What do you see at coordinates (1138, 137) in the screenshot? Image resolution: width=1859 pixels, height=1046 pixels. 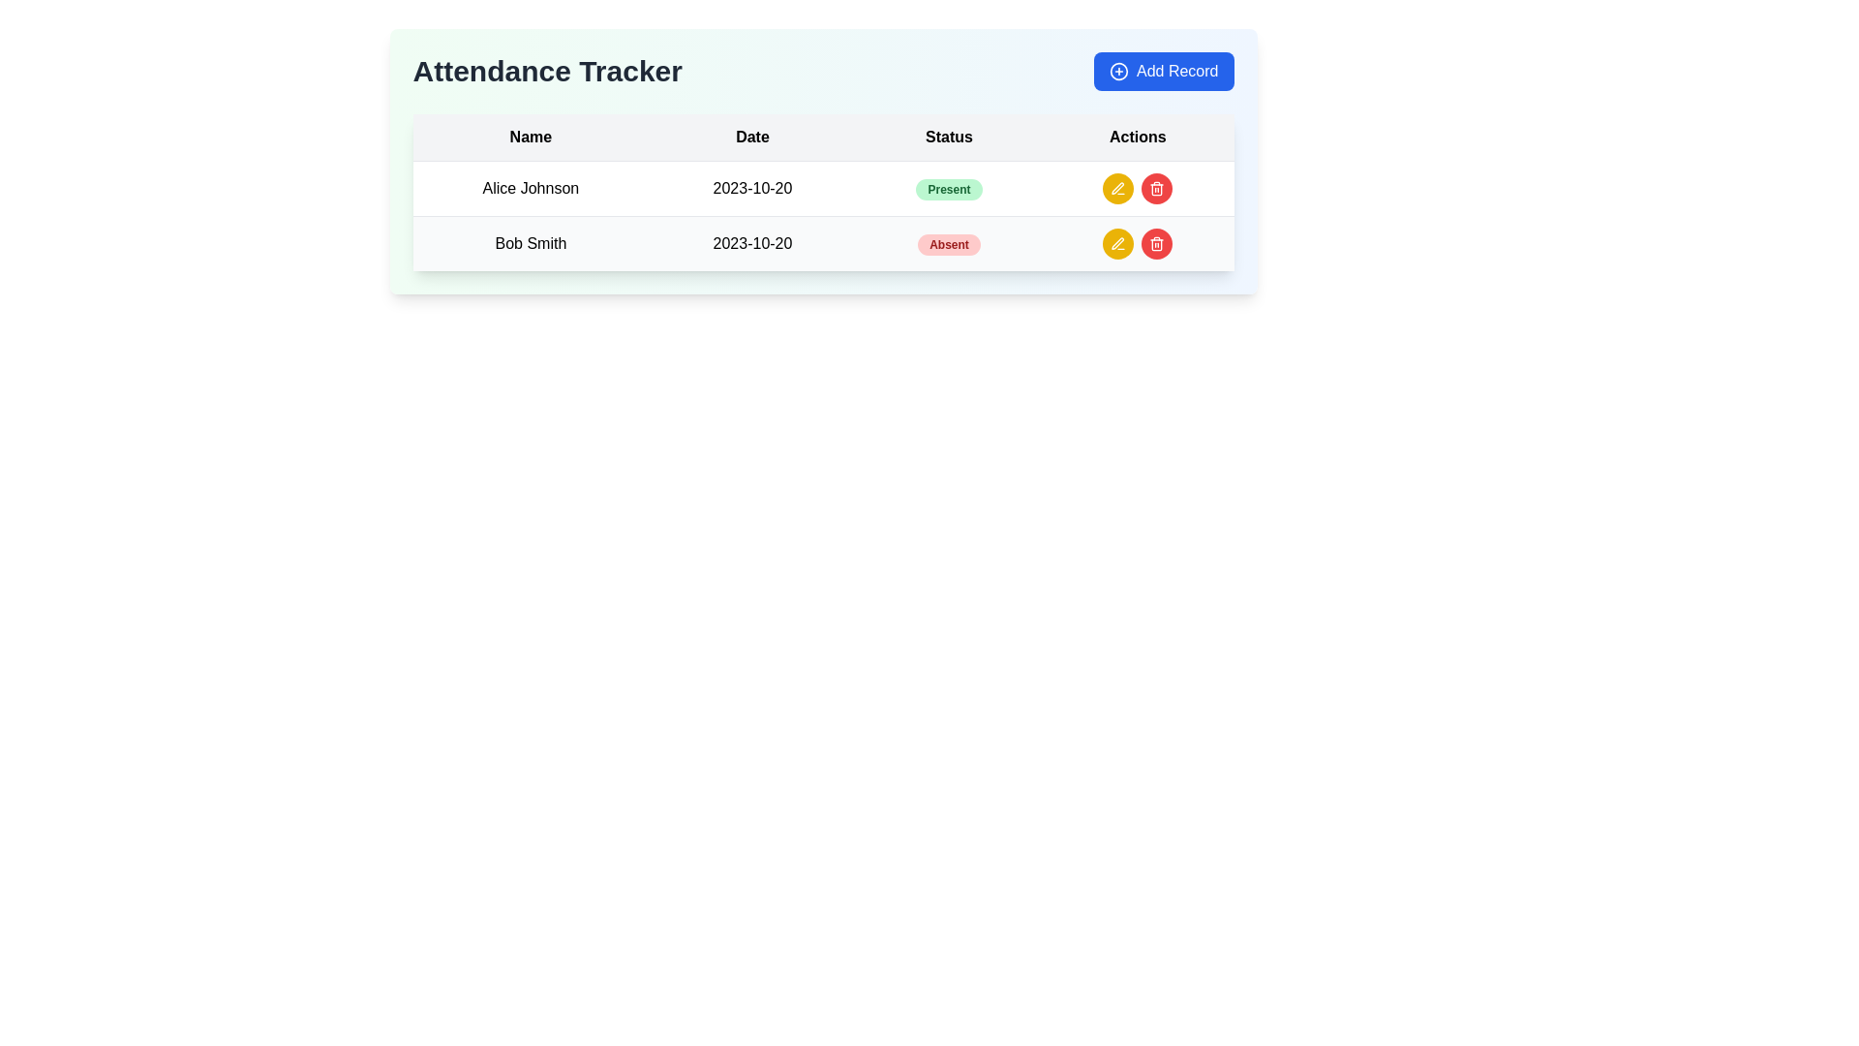 I see `the text label in the fourth cell of the header row of the Attendance Tracker table, which indicates the column for action buttons` at bounding box center [1138, 137].